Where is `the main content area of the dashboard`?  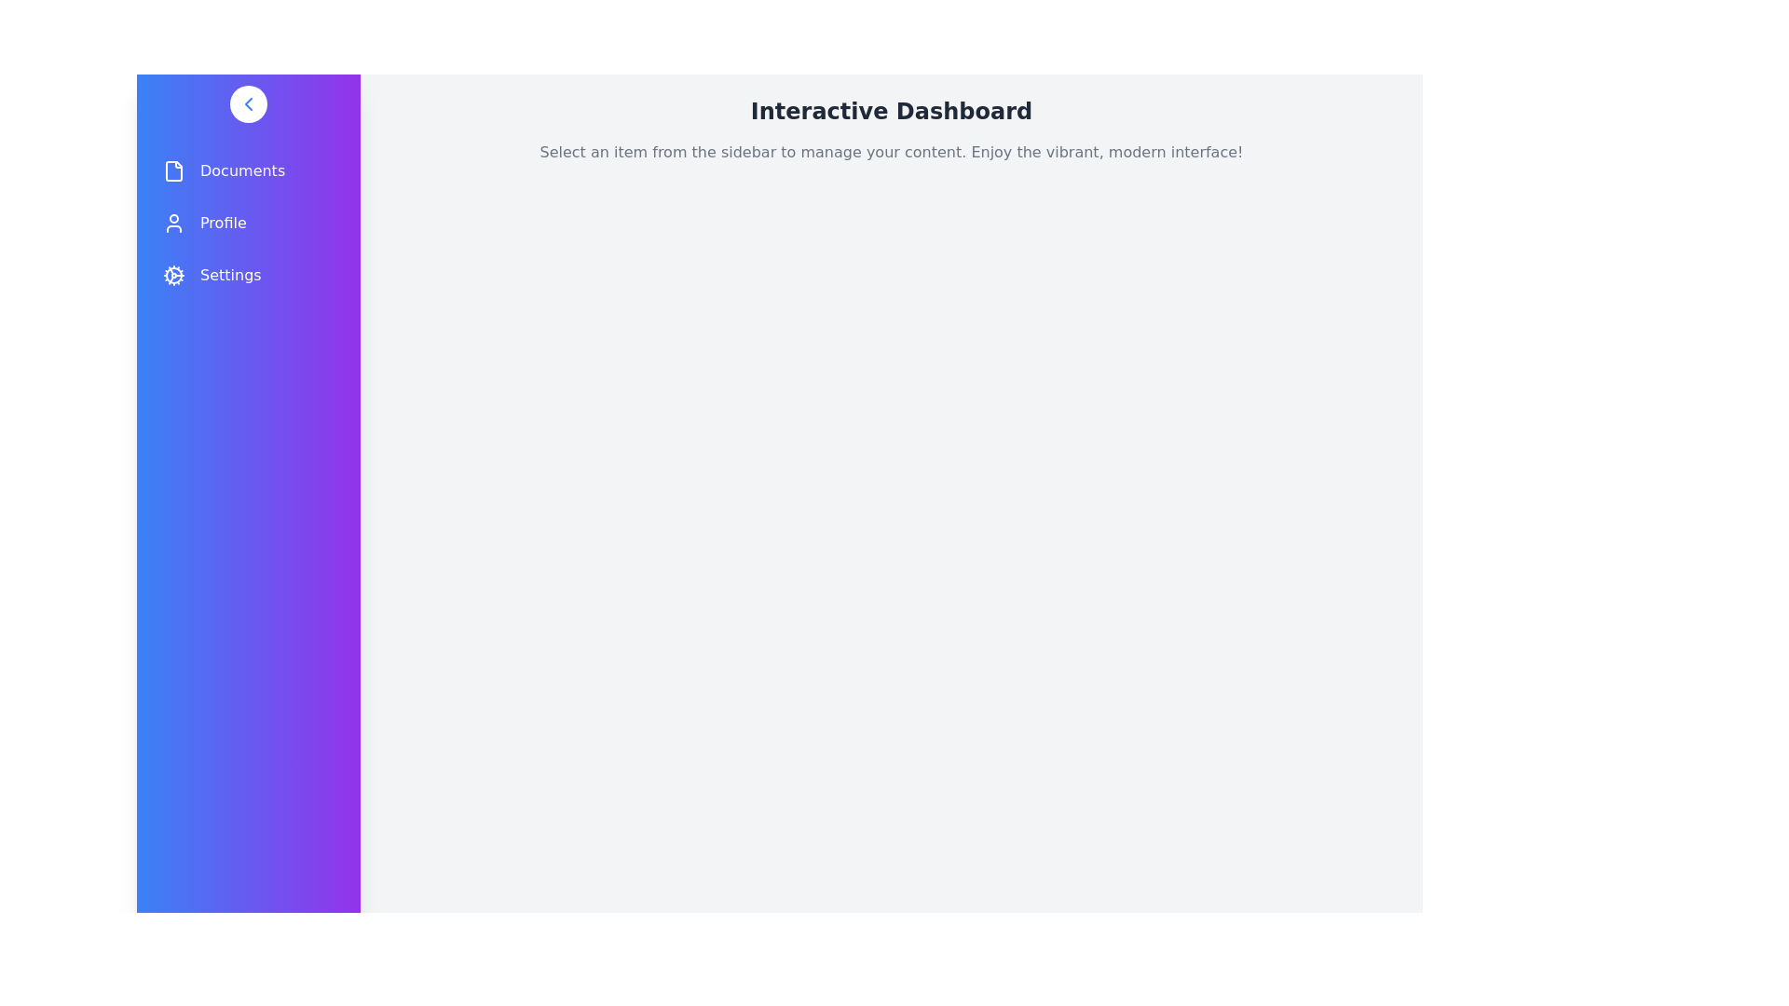 the main content area of the dashboard is located at coordinates (890, 577).